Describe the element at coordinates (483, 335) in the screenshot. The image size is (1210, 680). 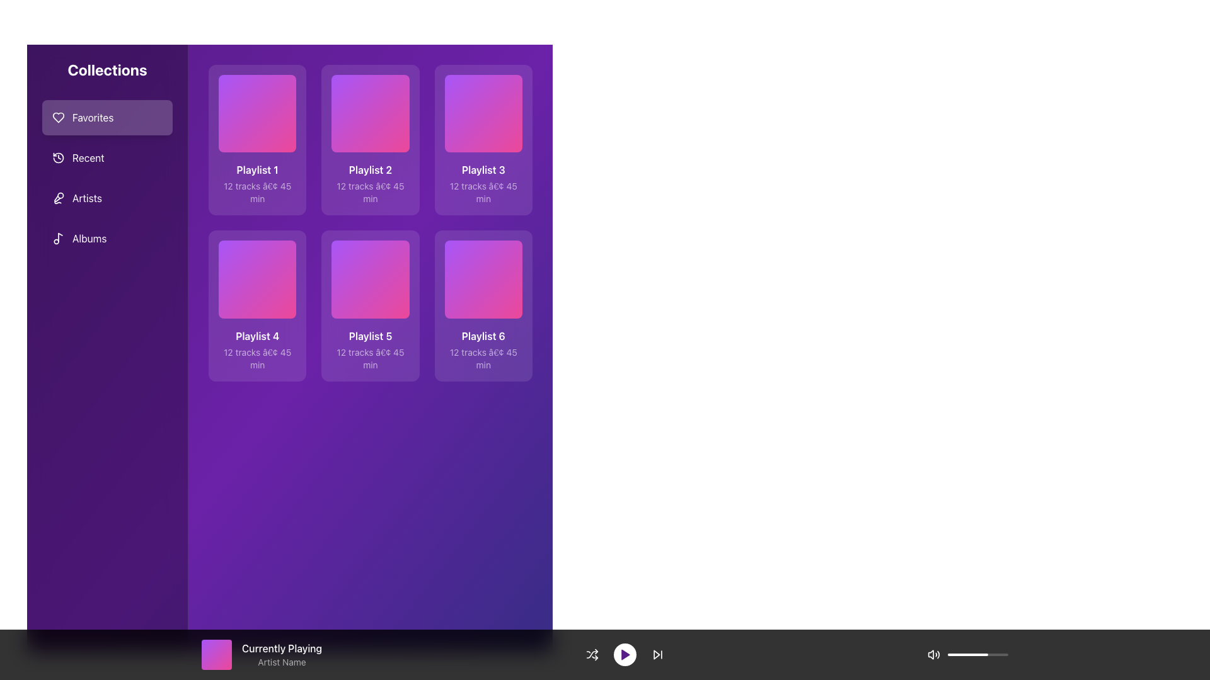
I see `the text label that identifies the playlist as 'Playlist 6', located at the bottom-most position in the third column of the second row in the grid layout of playlists` at that location.